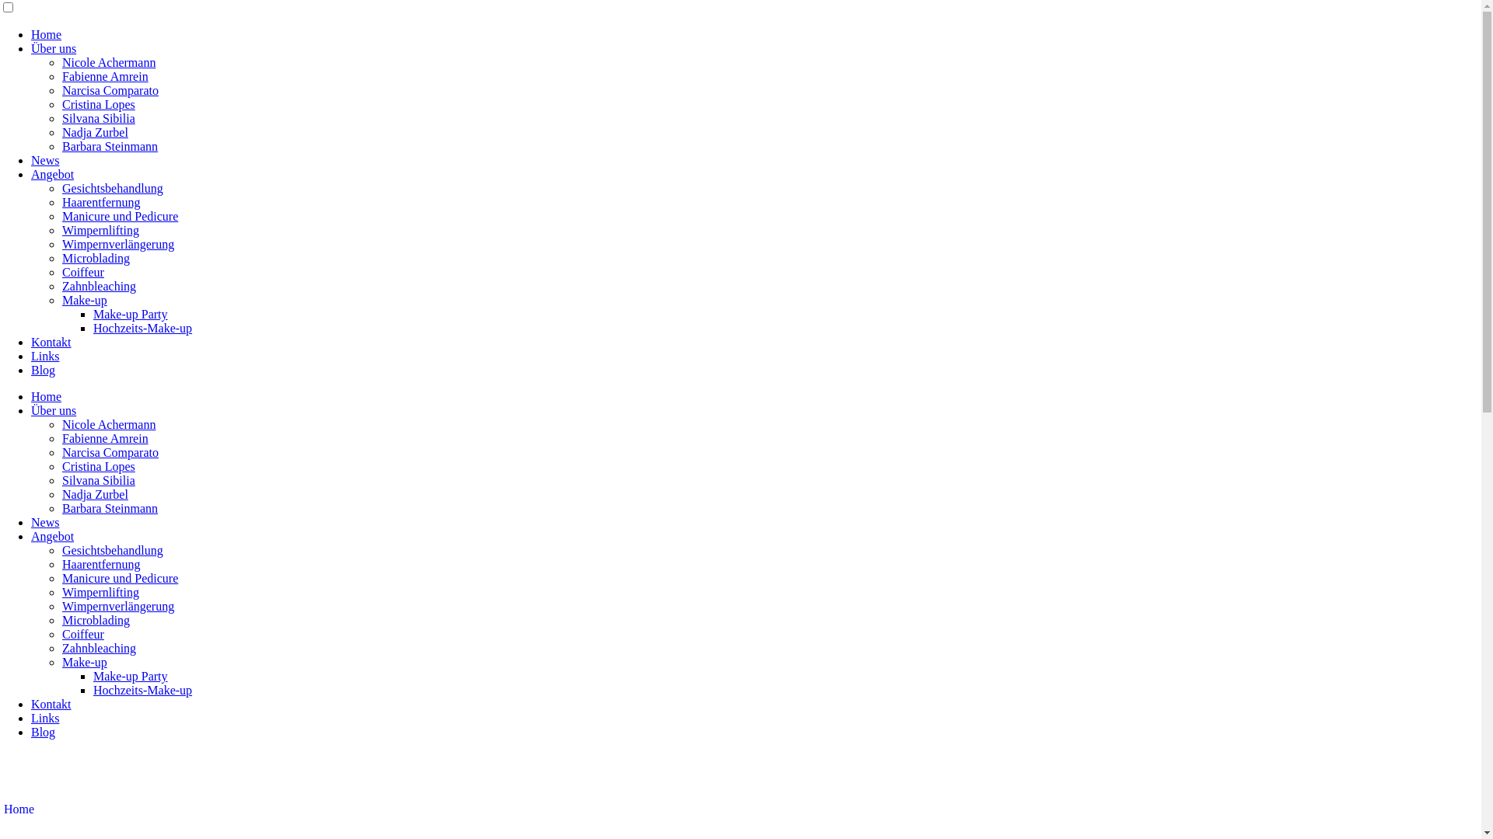 The width and height of the screenshot is (1493, 839). Describe the element at coordinates (119, 216) in the screenshot. I see `'Manicure und Pedicure'` at that location.